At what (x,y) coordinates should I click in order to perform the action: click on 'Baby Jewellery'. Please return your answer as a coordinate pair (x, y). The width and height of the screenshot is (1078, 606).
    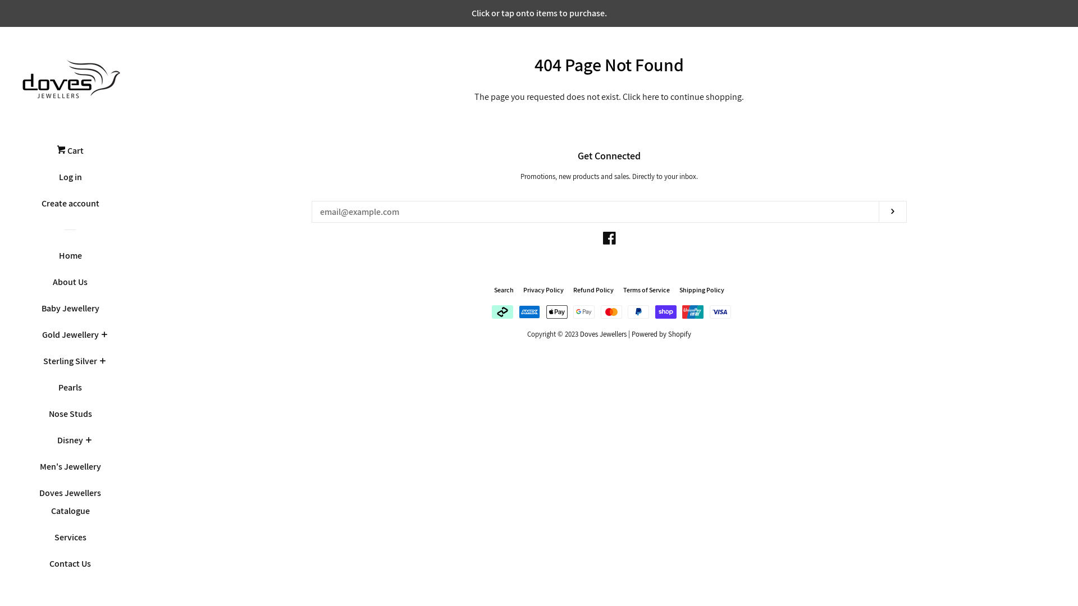
    Looking at the image, I should click on (69, 313).